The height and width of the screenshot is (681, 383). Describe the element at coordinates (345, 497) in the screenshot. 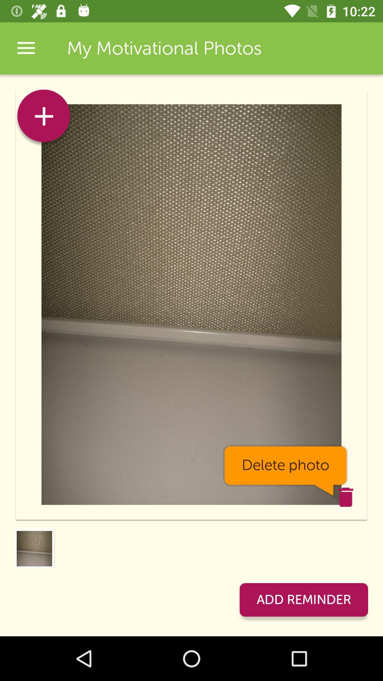

I see `the delete icon` at that location.